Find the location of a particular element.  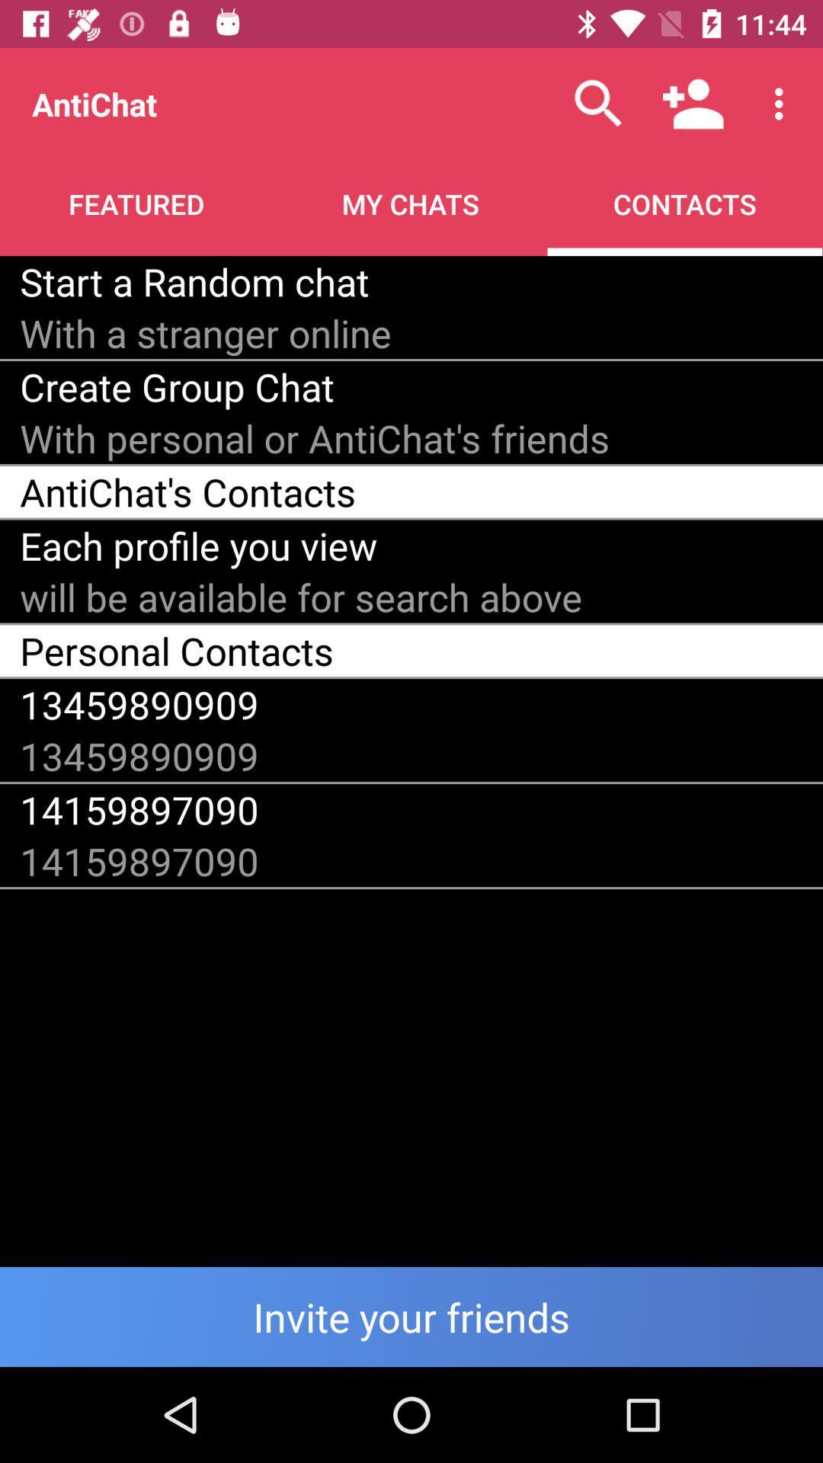

with a stranger item is located at coordinates (206, 332).